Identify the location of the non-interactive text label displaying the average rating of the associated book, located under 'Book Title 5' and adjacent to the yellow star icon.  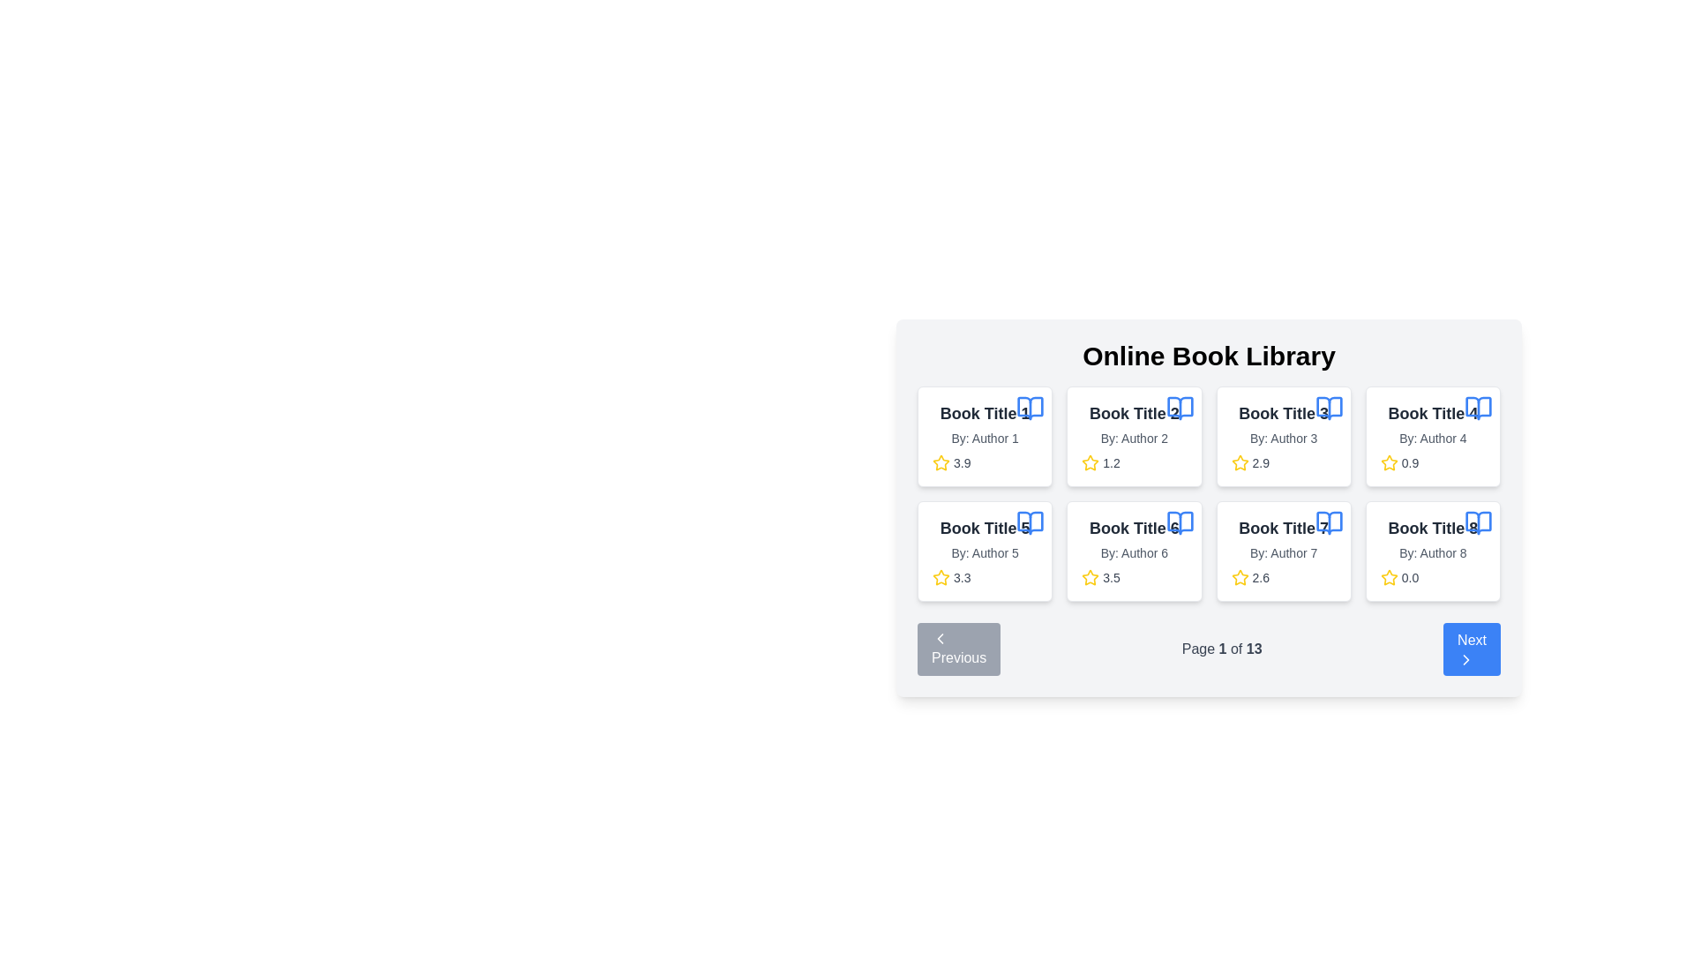
(961, 578).